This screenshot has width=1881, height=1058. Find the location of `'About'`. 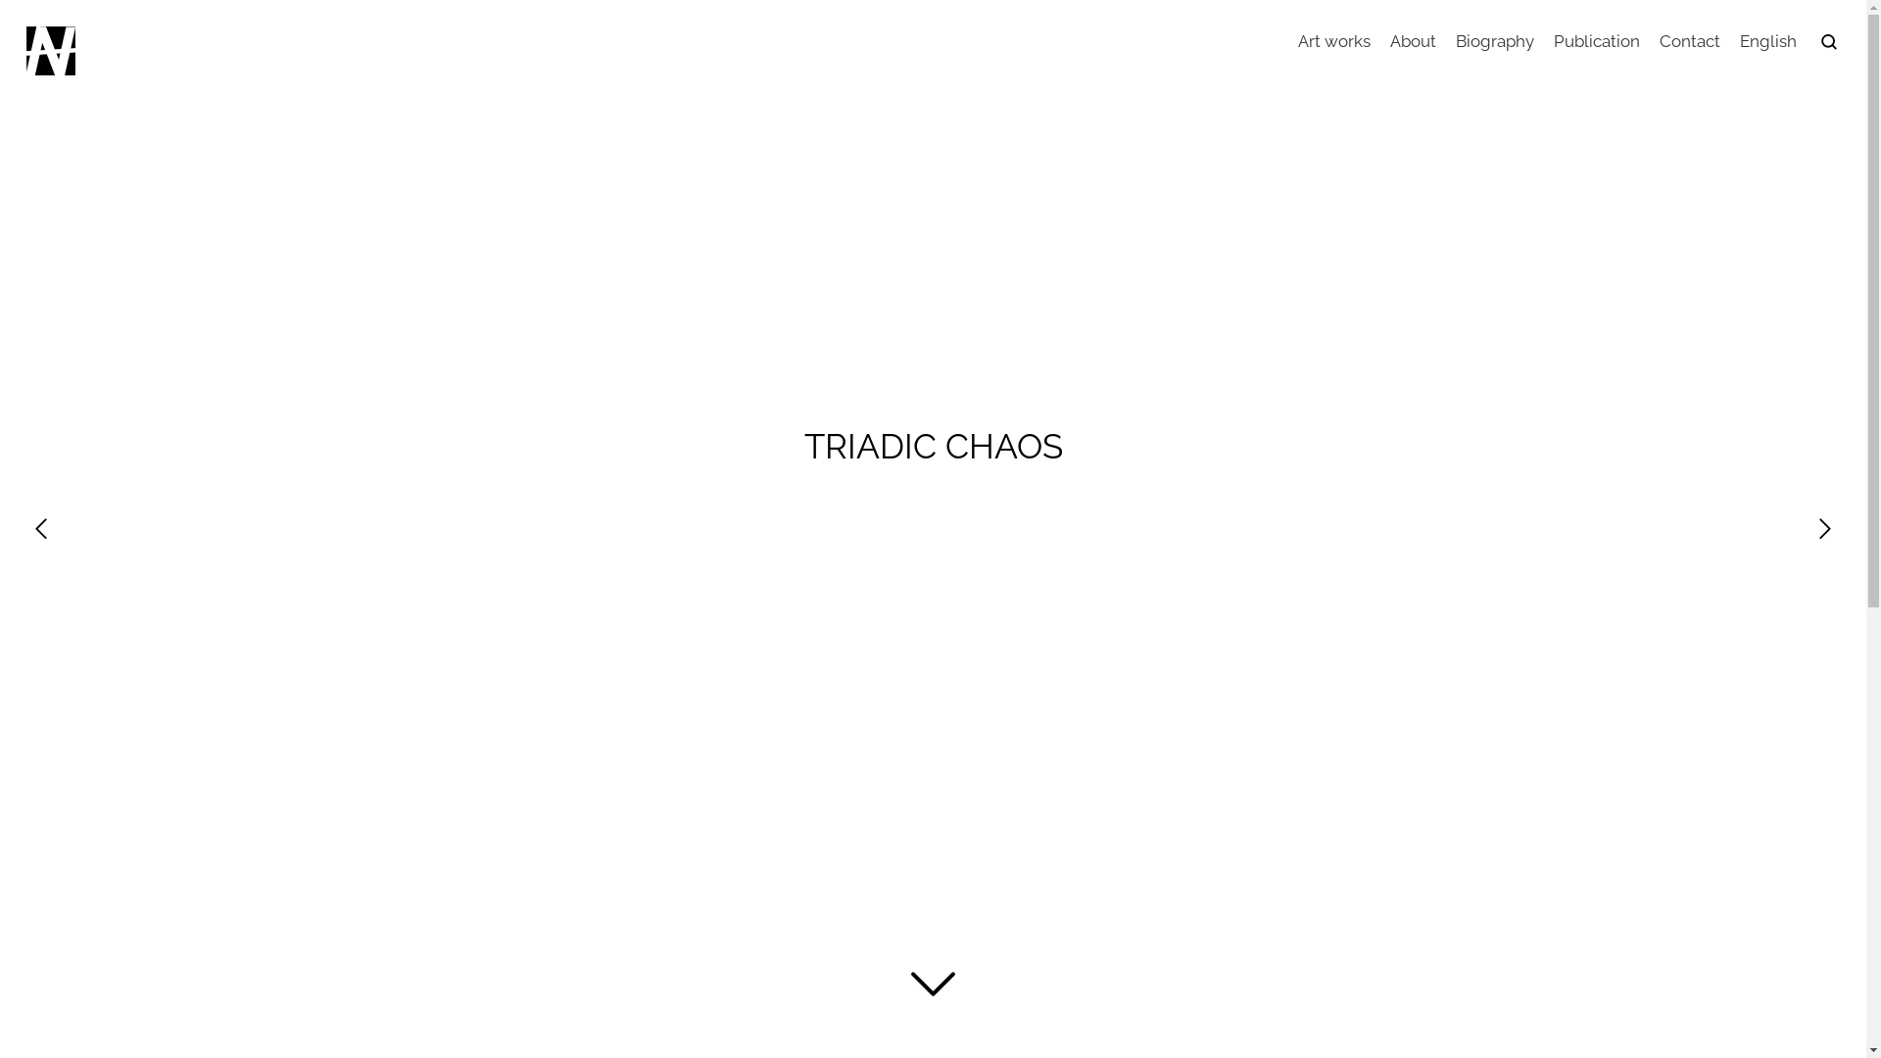

'About' is located at coordinates (1413, 41).